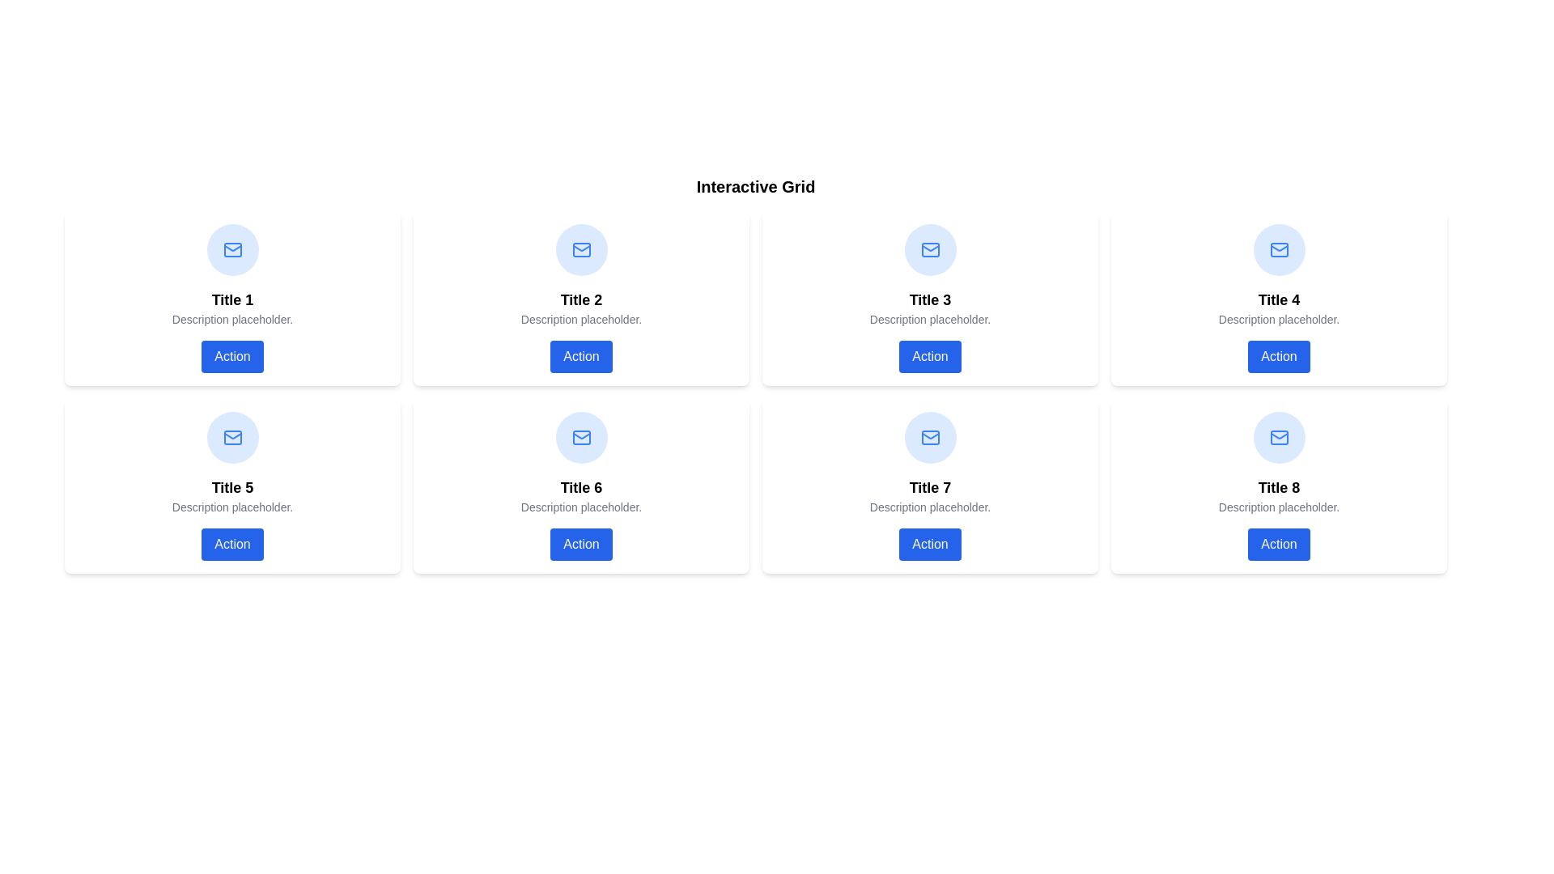  Describe the element at coordinates (581, 437) in the screenshot. I see `the mail icon located at the center of the panel labeled 'Title 6', which is in the second row, third column of the grid layout` at that location.